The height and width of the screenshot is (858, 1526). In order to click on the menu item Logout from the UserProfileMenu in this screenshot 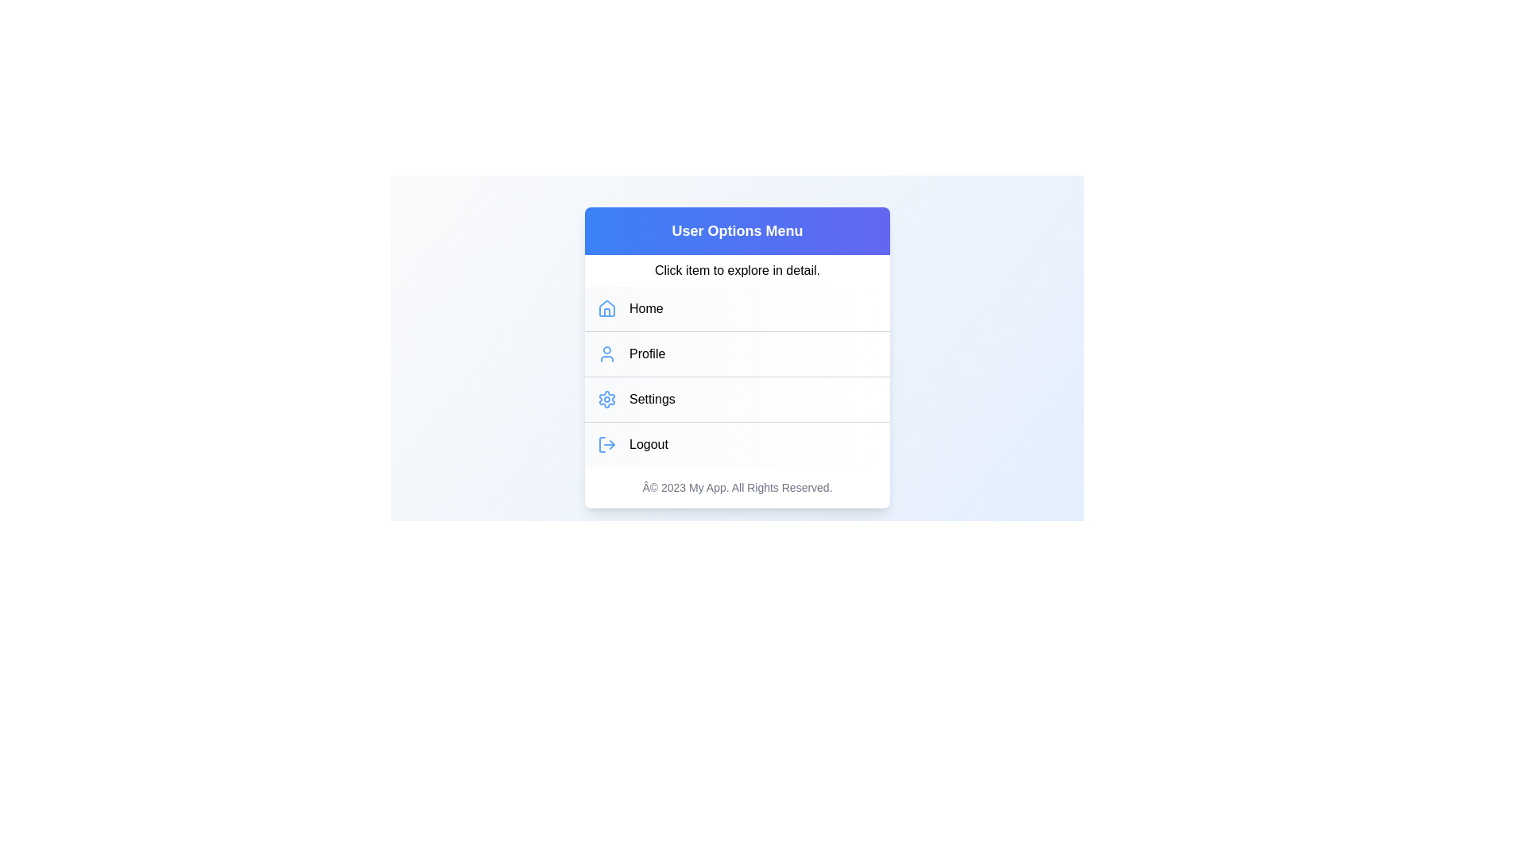, I will do `click(736, 444)`.